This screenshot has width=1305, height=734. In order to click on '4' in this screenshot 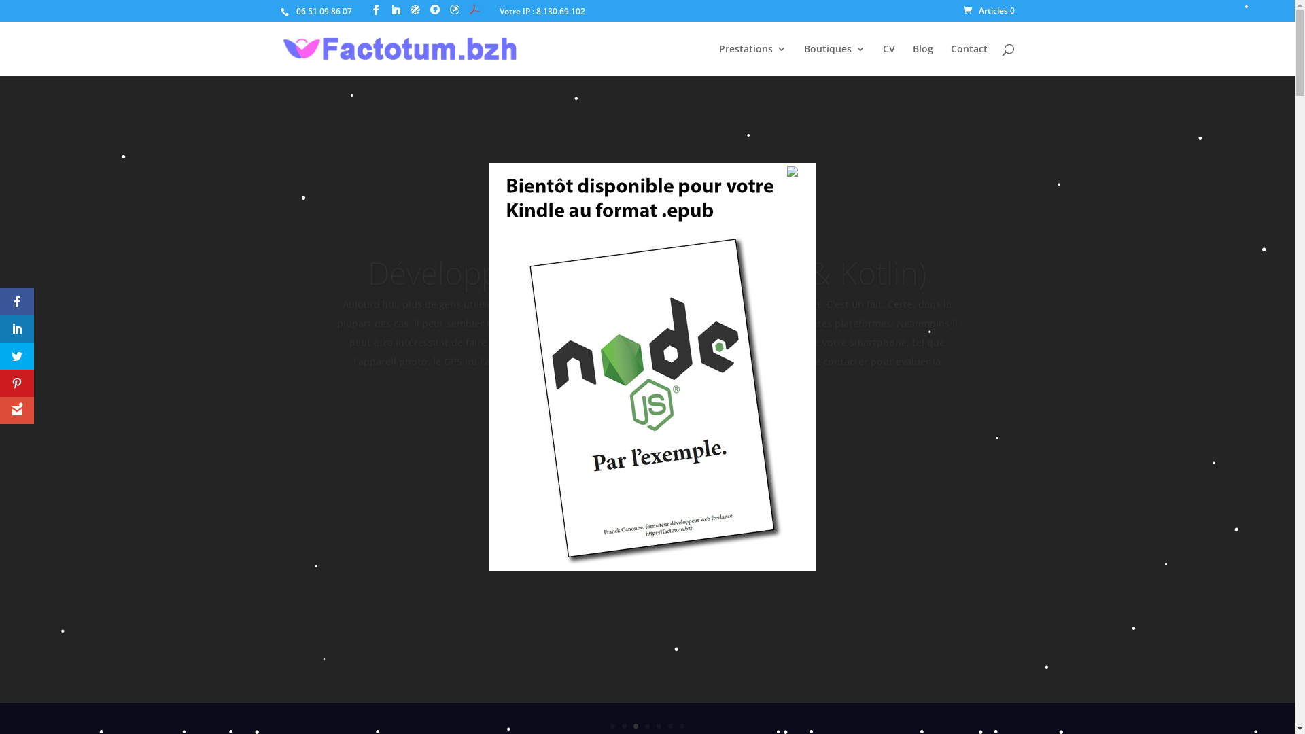, I will do `click(646, 725)`.